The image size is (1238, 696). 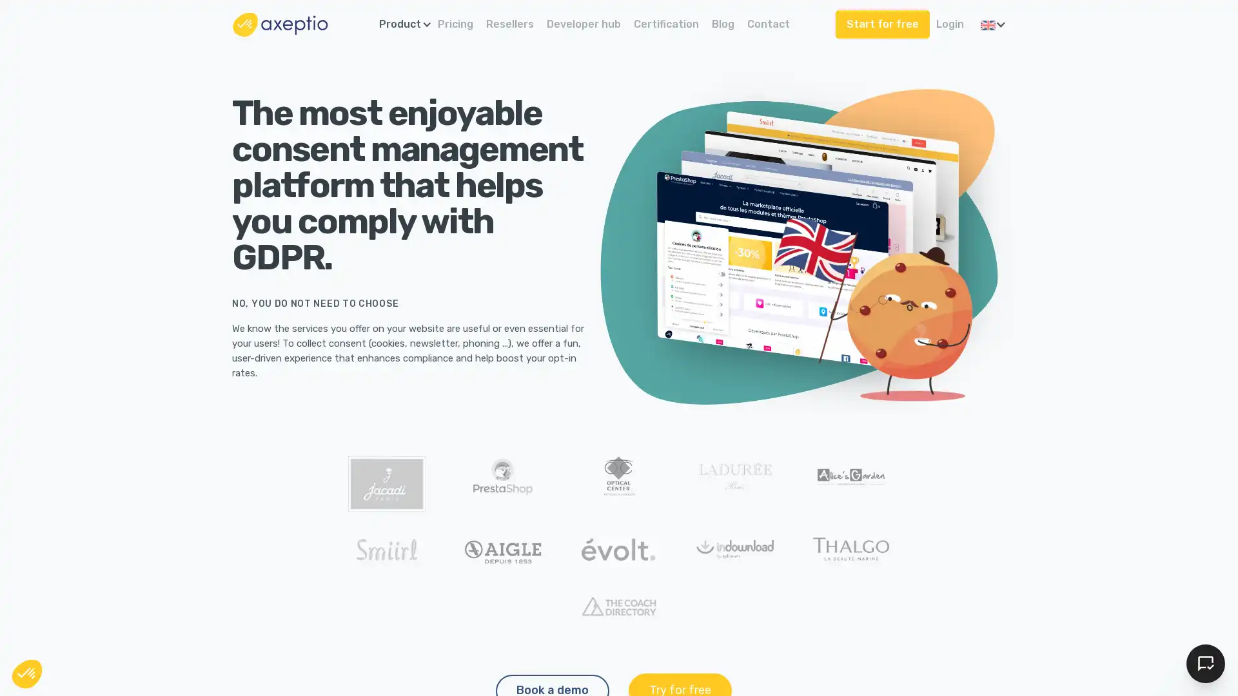 I want to click on No, thanks, so click(x=57, y=624).